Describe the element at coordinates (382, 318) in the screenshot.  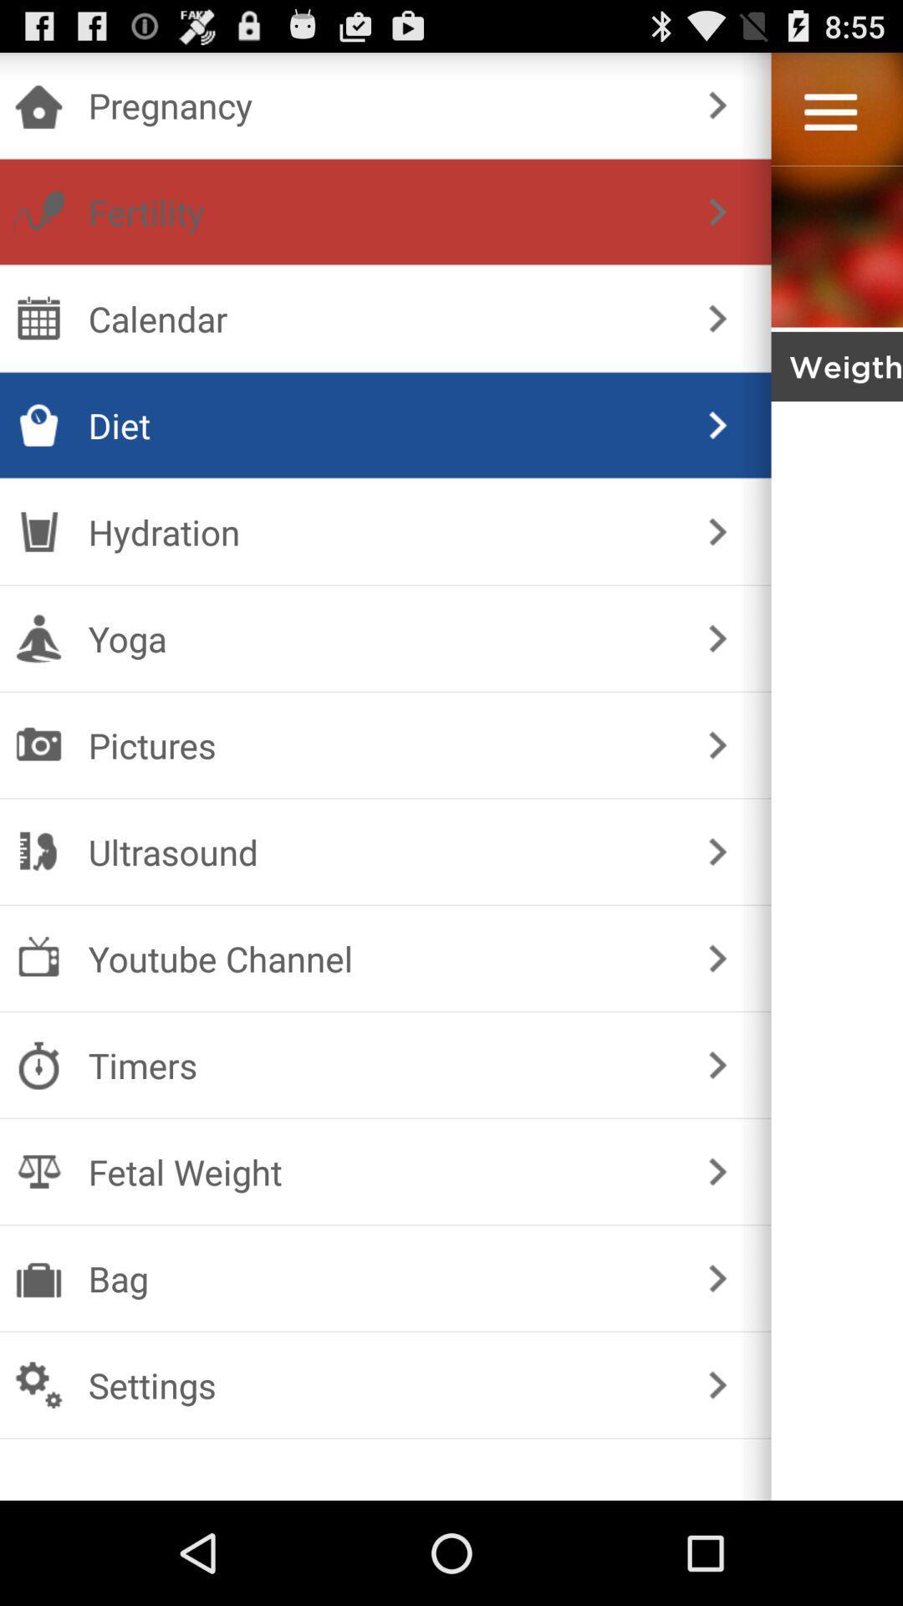
I see `the checkbox above the diet` at that location.